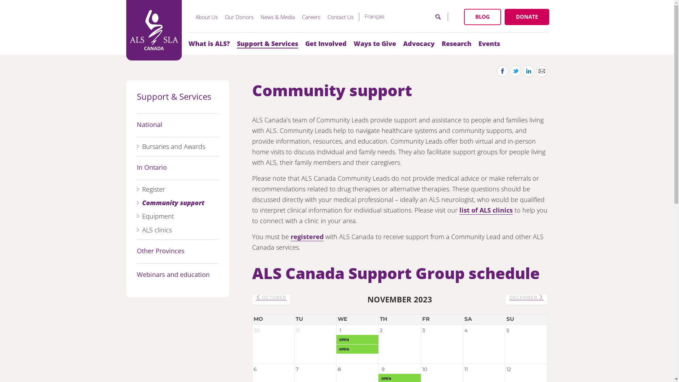 This screenshot has height=382, width=679. What do you see at coordinates (375, 44) in the screenshot?
I see `'Ways to Give'` at bounding box center [375, 44].